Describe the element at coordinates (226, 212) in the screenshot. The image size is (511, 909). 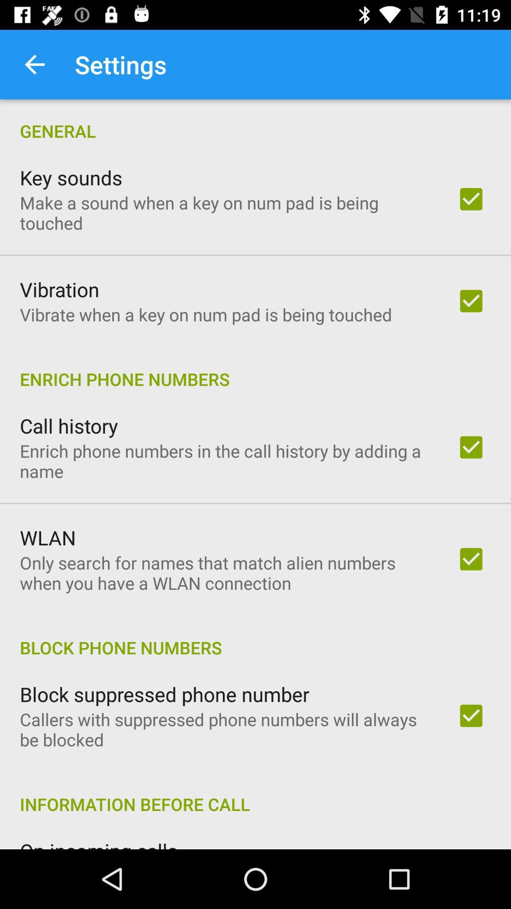
I see `make a sound item` at that location.